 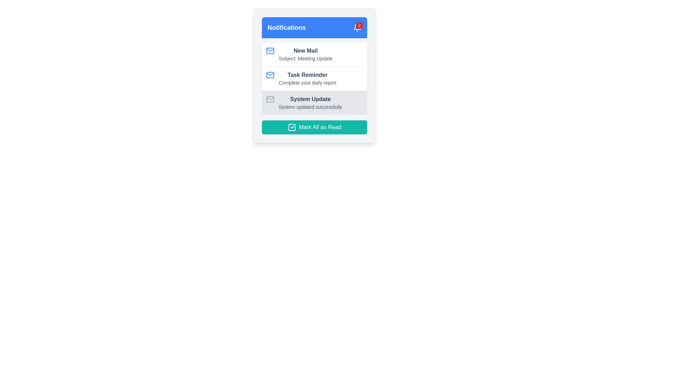 What do you see at coordinates (314, 54) in the screenshot?
I see `the first notification list item which includes a blue envelope icon and the text 'New Mail' followed by 'Subject: Meeting Update'` at bounding box center [314, 54].